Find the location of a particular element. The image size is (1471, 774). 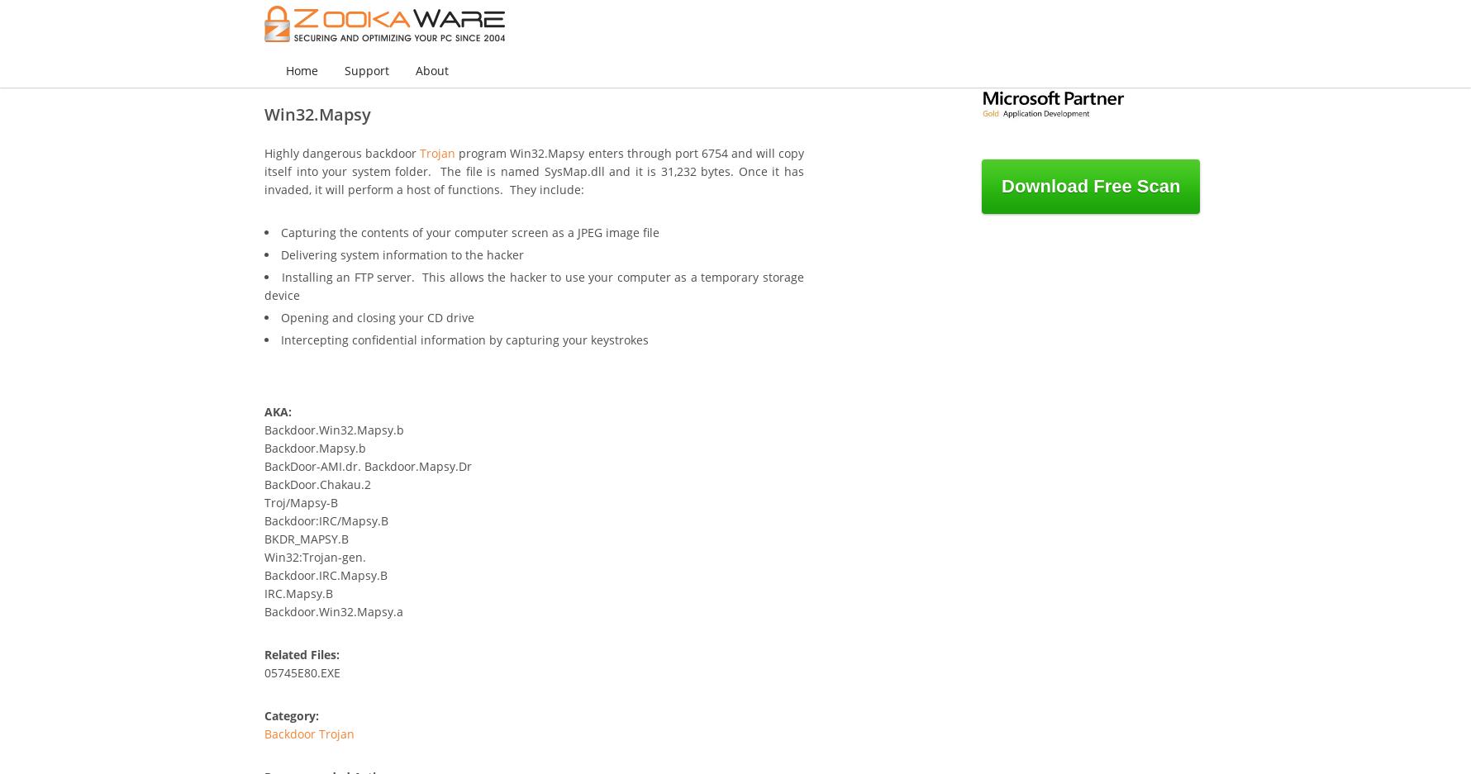

'Trojan' is located at coordinates (436, 153).